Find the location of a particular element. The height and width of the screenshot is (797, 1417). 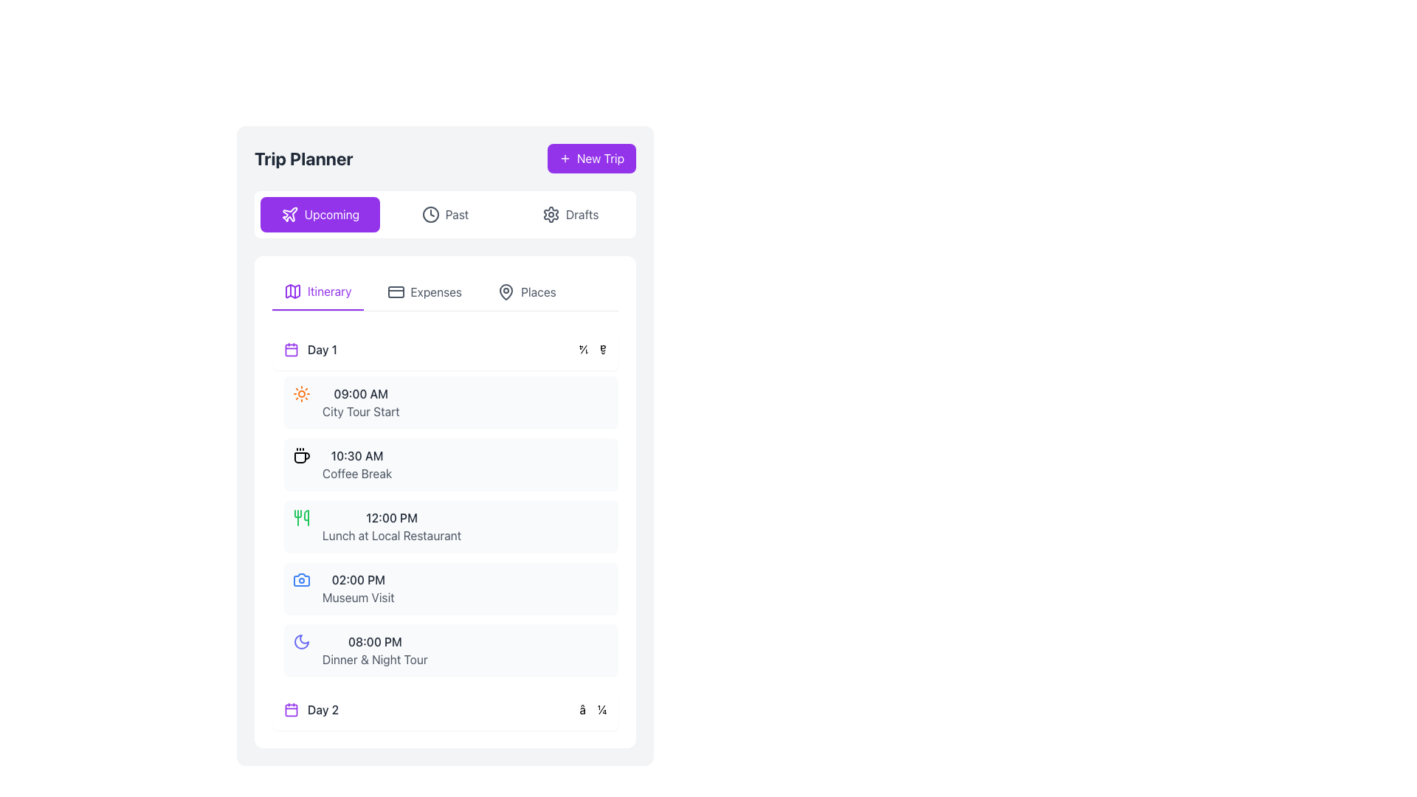

the 'Places' icon located to the left of the 'Places' text in the horizontal navigation bar is located at coordinates (506, 292).